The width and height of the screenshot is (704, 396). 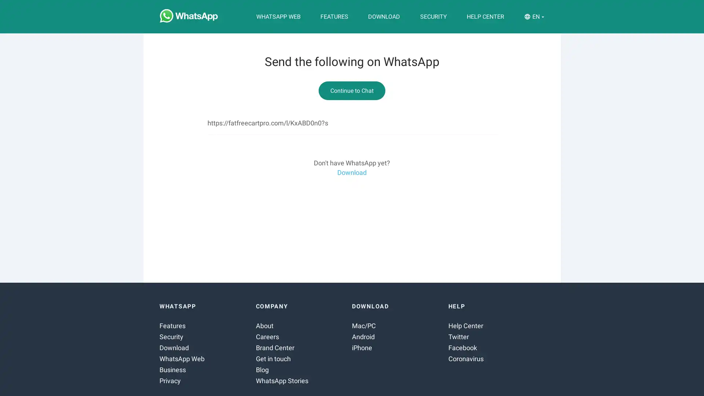 What do you see at coordinates (534, 16) in the screenshot?
I see `EN` at bounding box center [534, 16].